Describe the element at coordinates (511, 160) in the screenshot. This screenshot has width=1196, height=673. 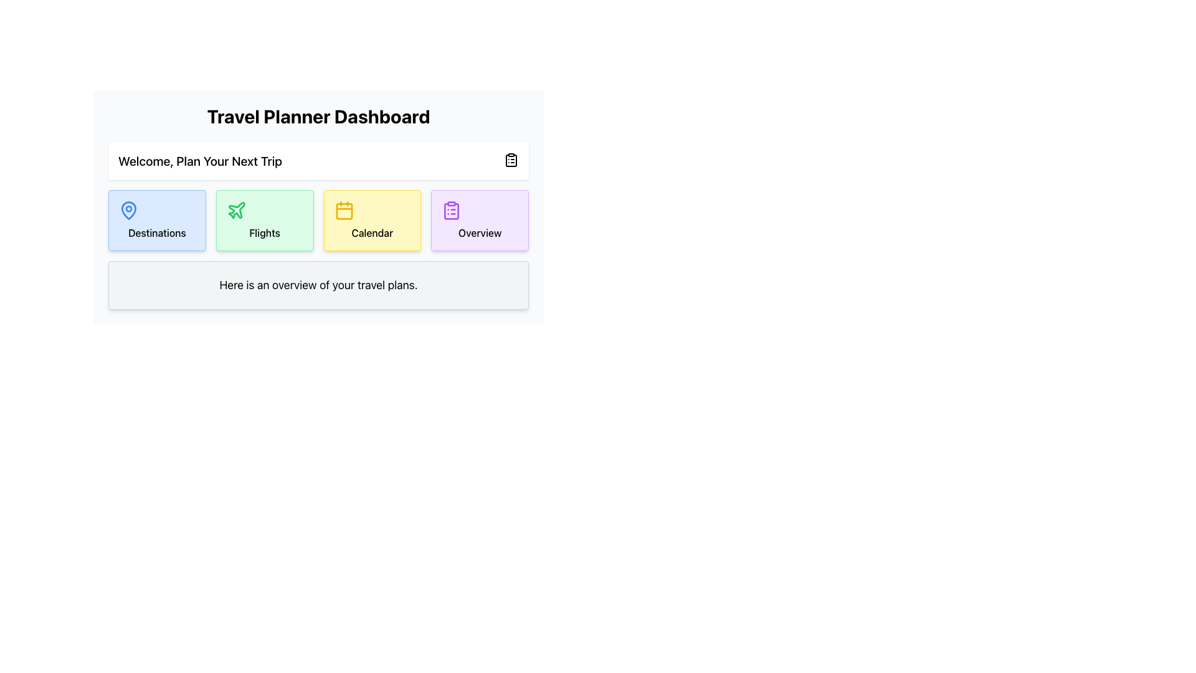
I see `the clipboard icon located at the far-right side of the header area` at that location.